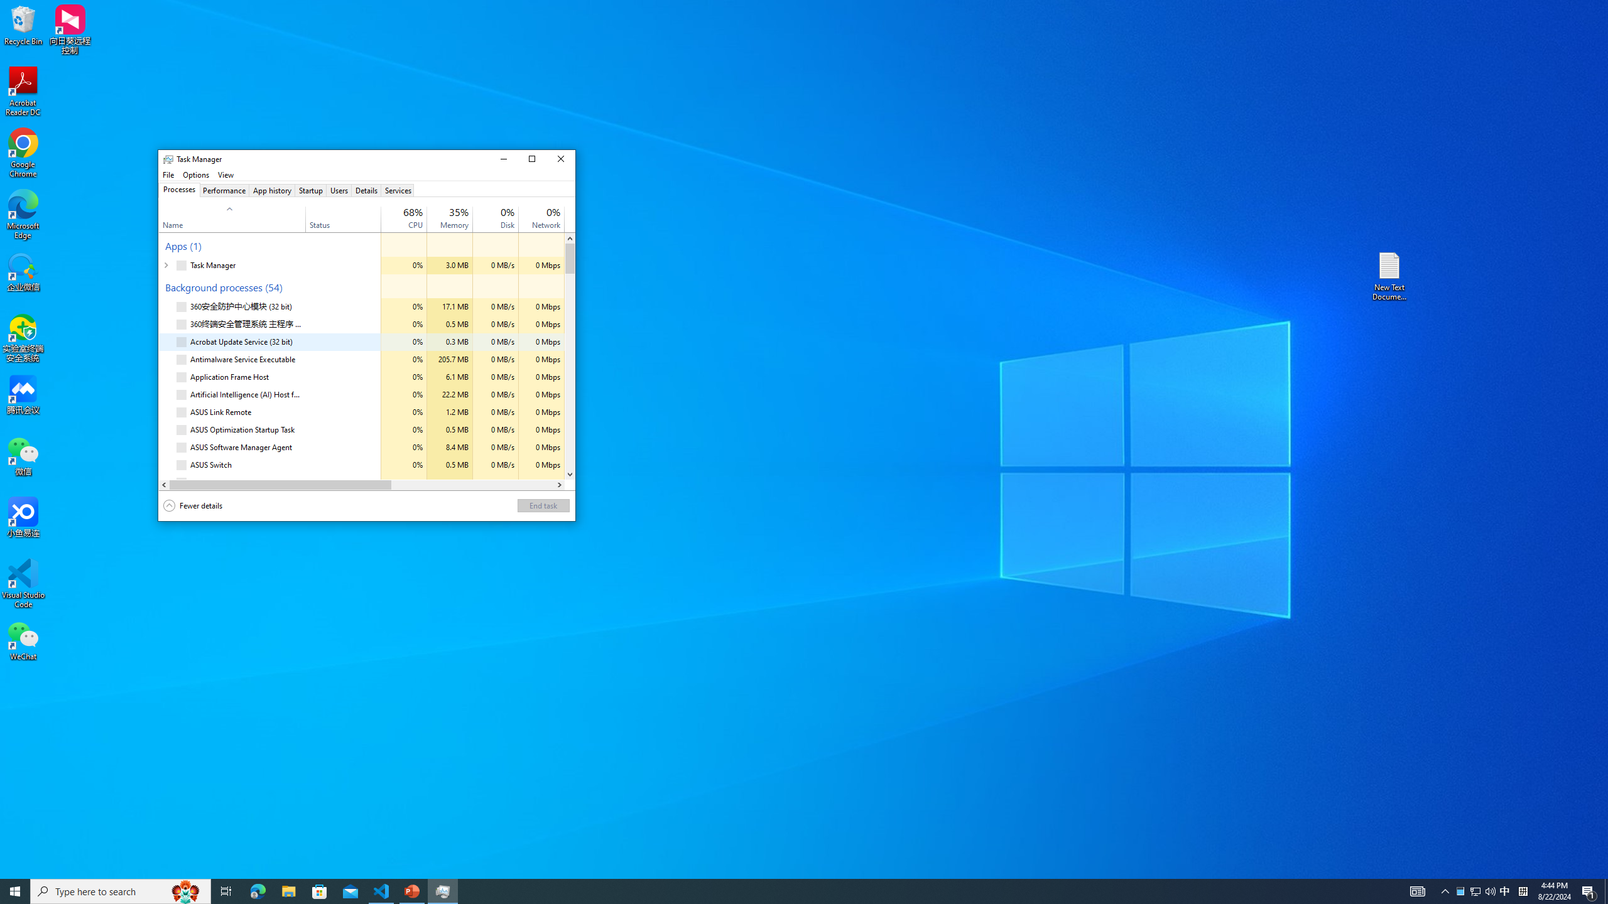 Image resolution: width=1608 pixels, height=904 pixels. Describe the element at coordinates (543, 505) in the screenshot. I see `'End task'` at that location.